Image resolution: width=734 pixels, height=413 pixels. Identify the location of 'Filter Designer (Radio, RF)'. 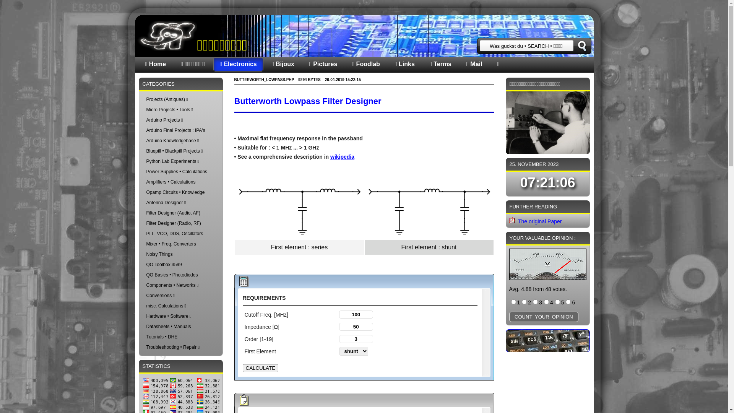
(173, 223).